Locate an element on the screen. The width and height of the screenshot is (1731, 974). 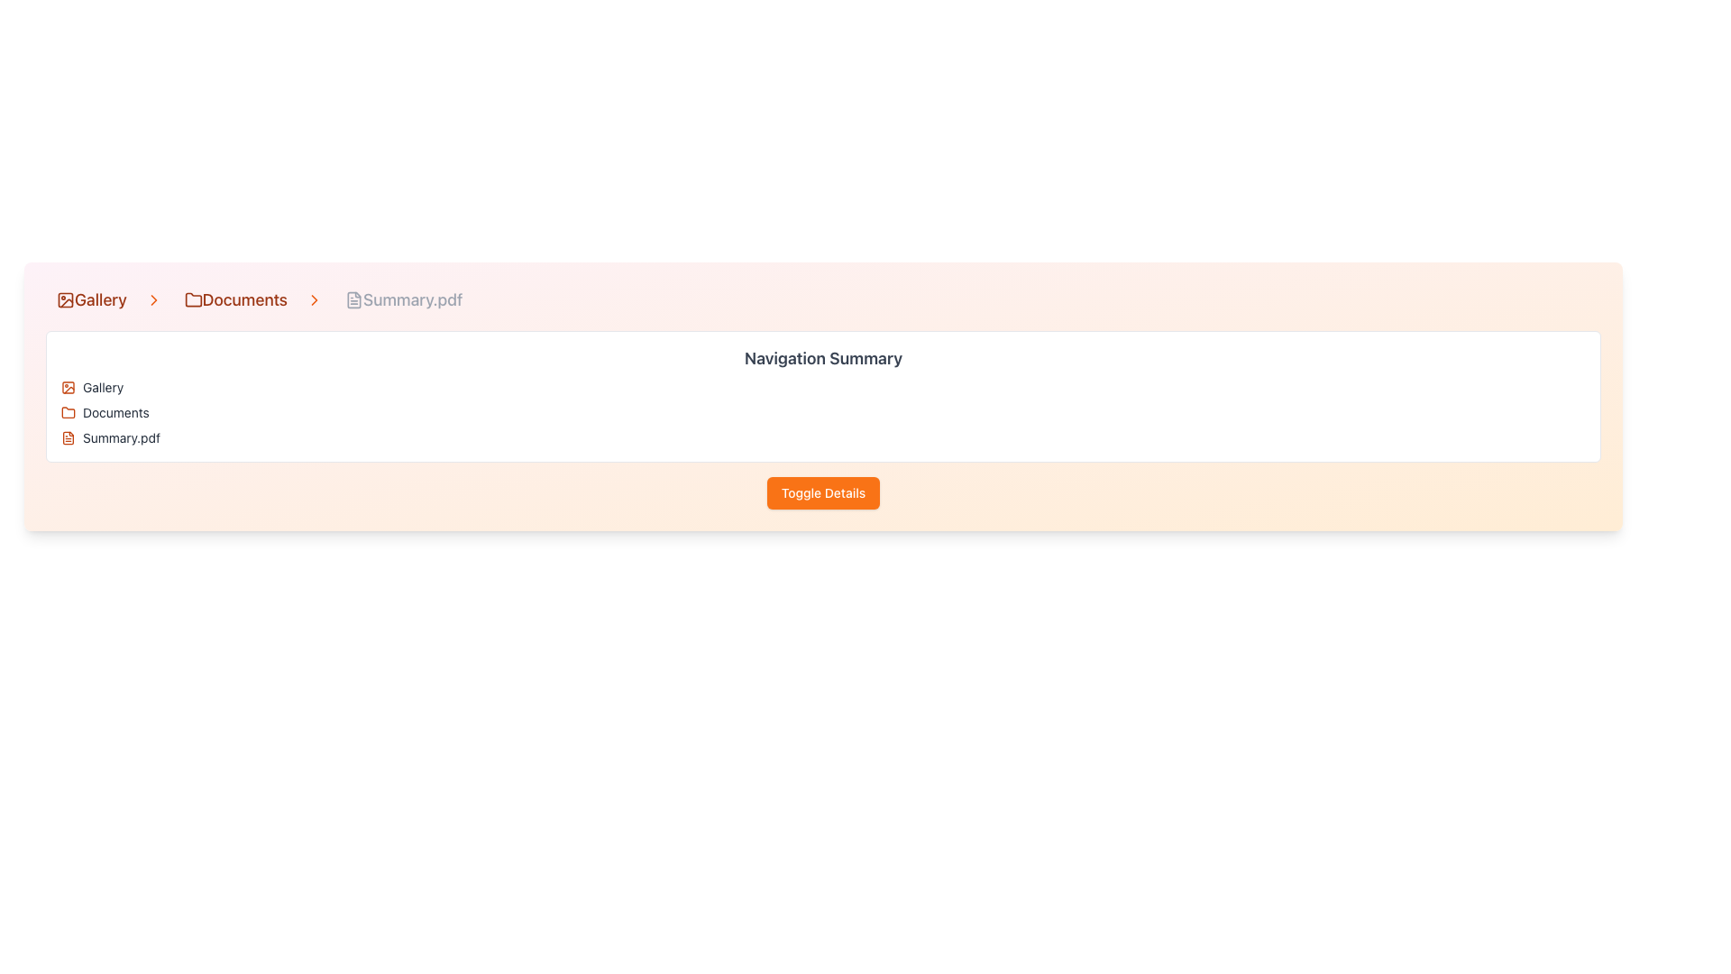
the file symbol icon located to the left of 'Summary.pdf' in the breadcrumb navigation is located at coordinates (354, 299).